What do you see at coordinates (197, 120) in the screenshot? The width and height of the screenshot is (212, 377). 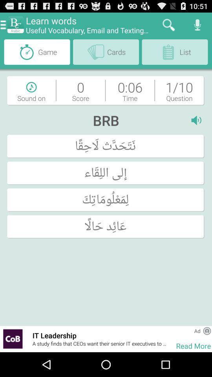 I see `i icon` at bounding box center [197, 120].